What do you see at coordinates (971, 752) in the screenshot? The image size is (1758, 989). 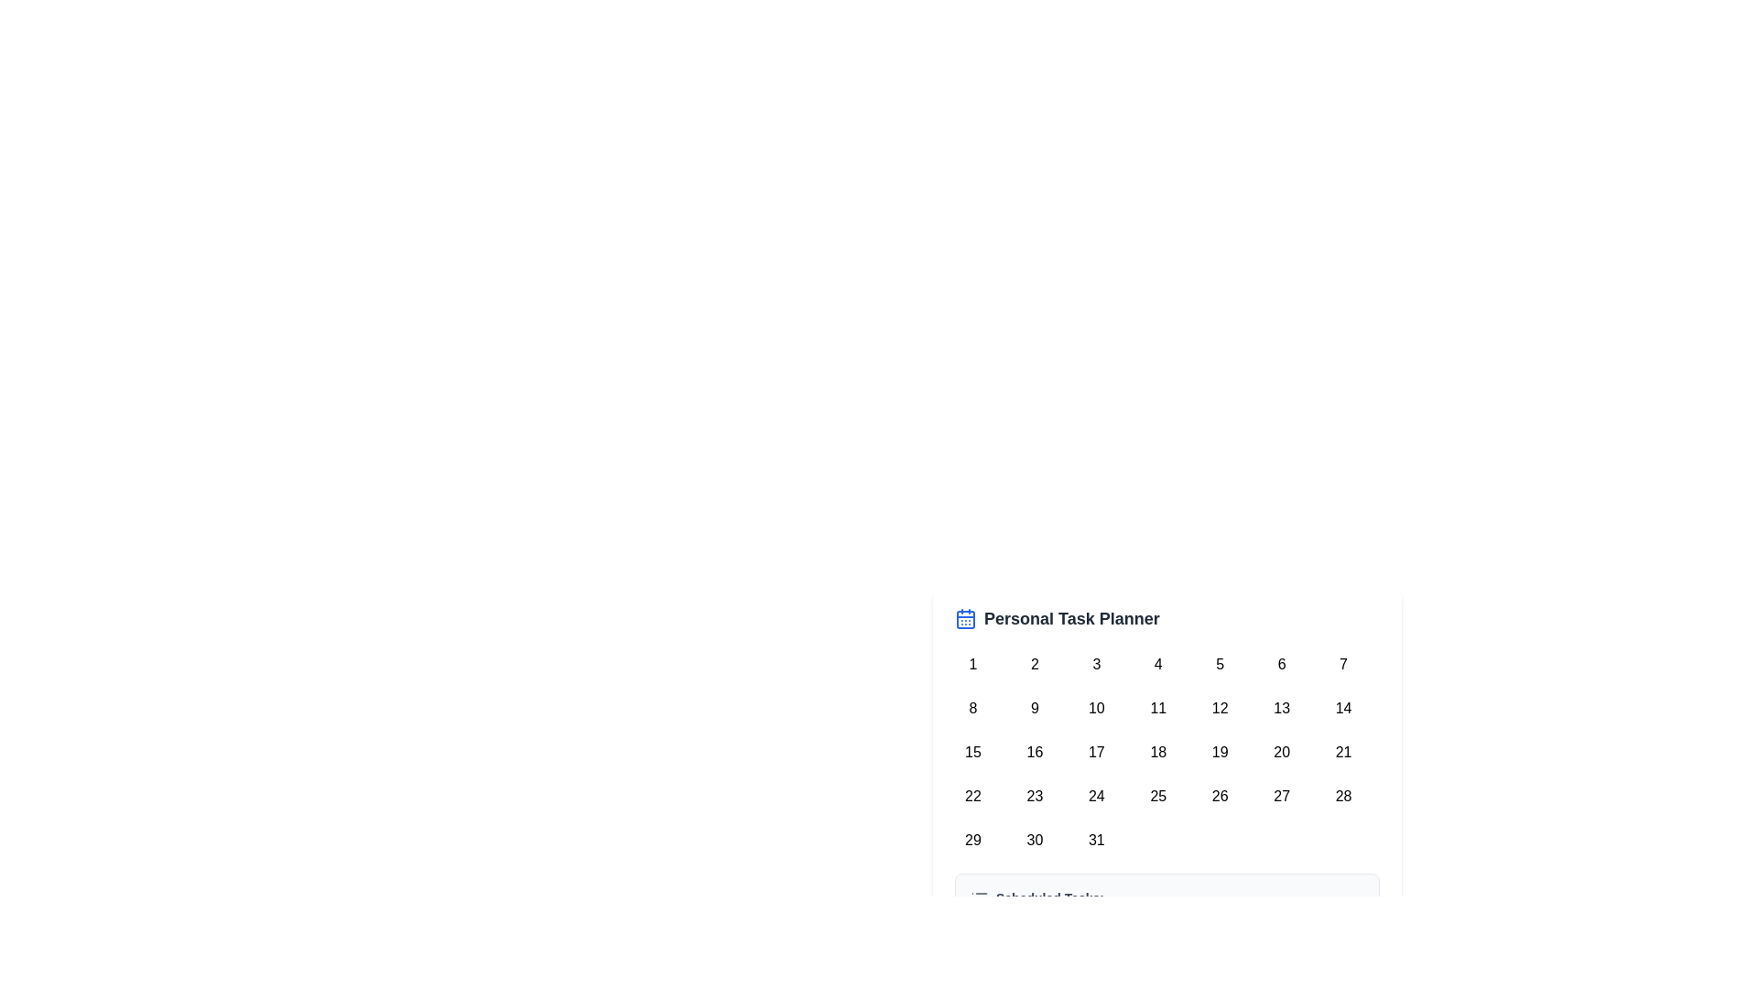 I see `the date selector button located` at bounding box center [971, 752].